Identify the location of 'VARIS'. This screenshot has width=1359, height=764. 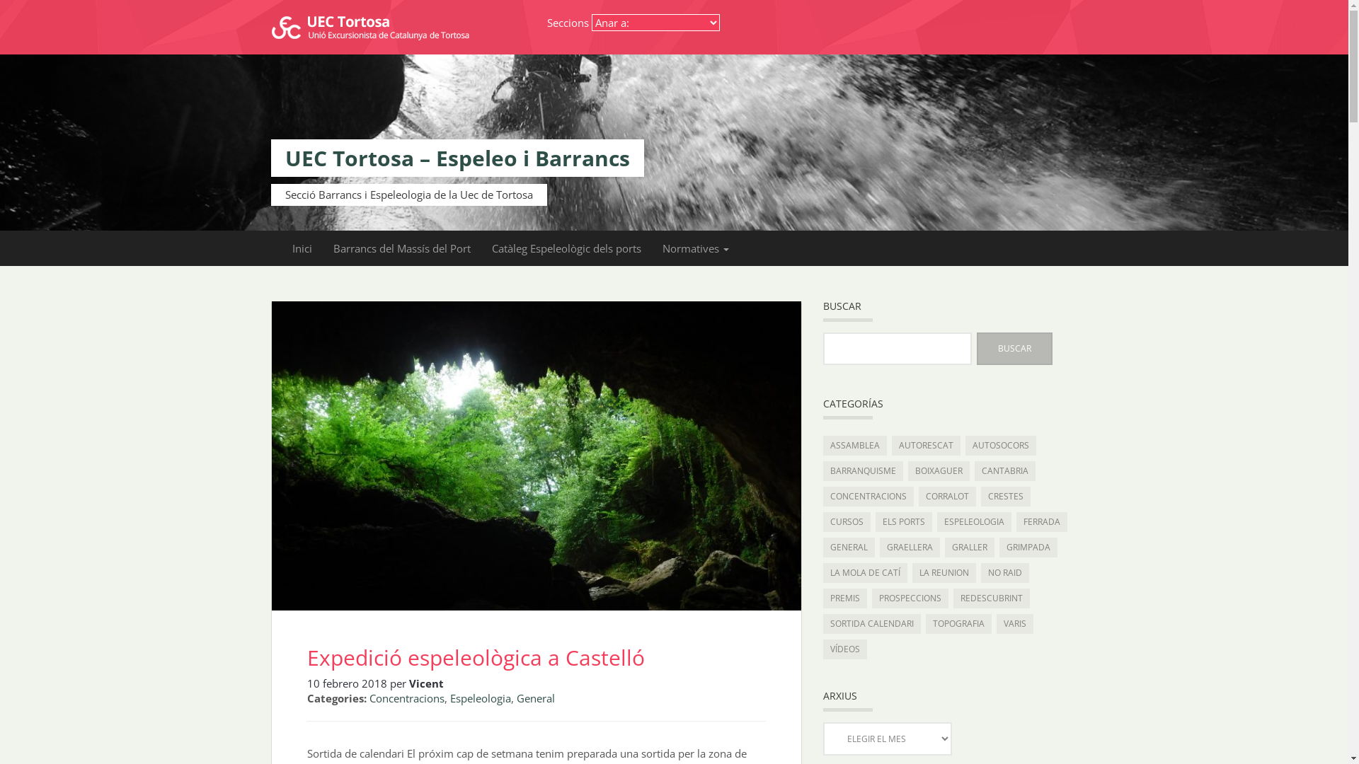
(1014, 623).